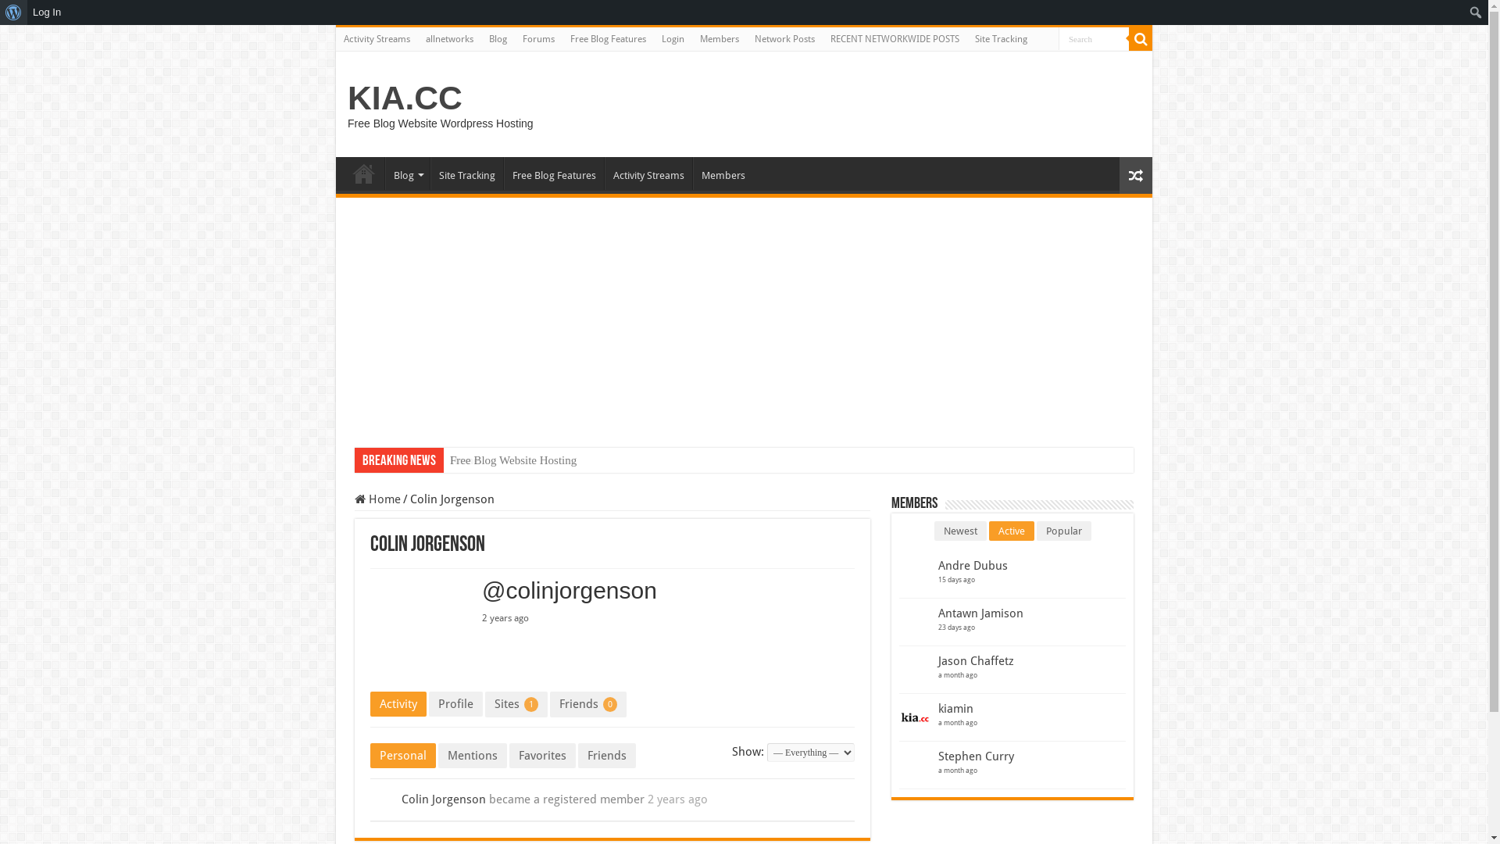 This screenshot has width=1500, height=844. Describe the element at coordinates (988, 530) in the screenshot. I see `'Active'` at that location.